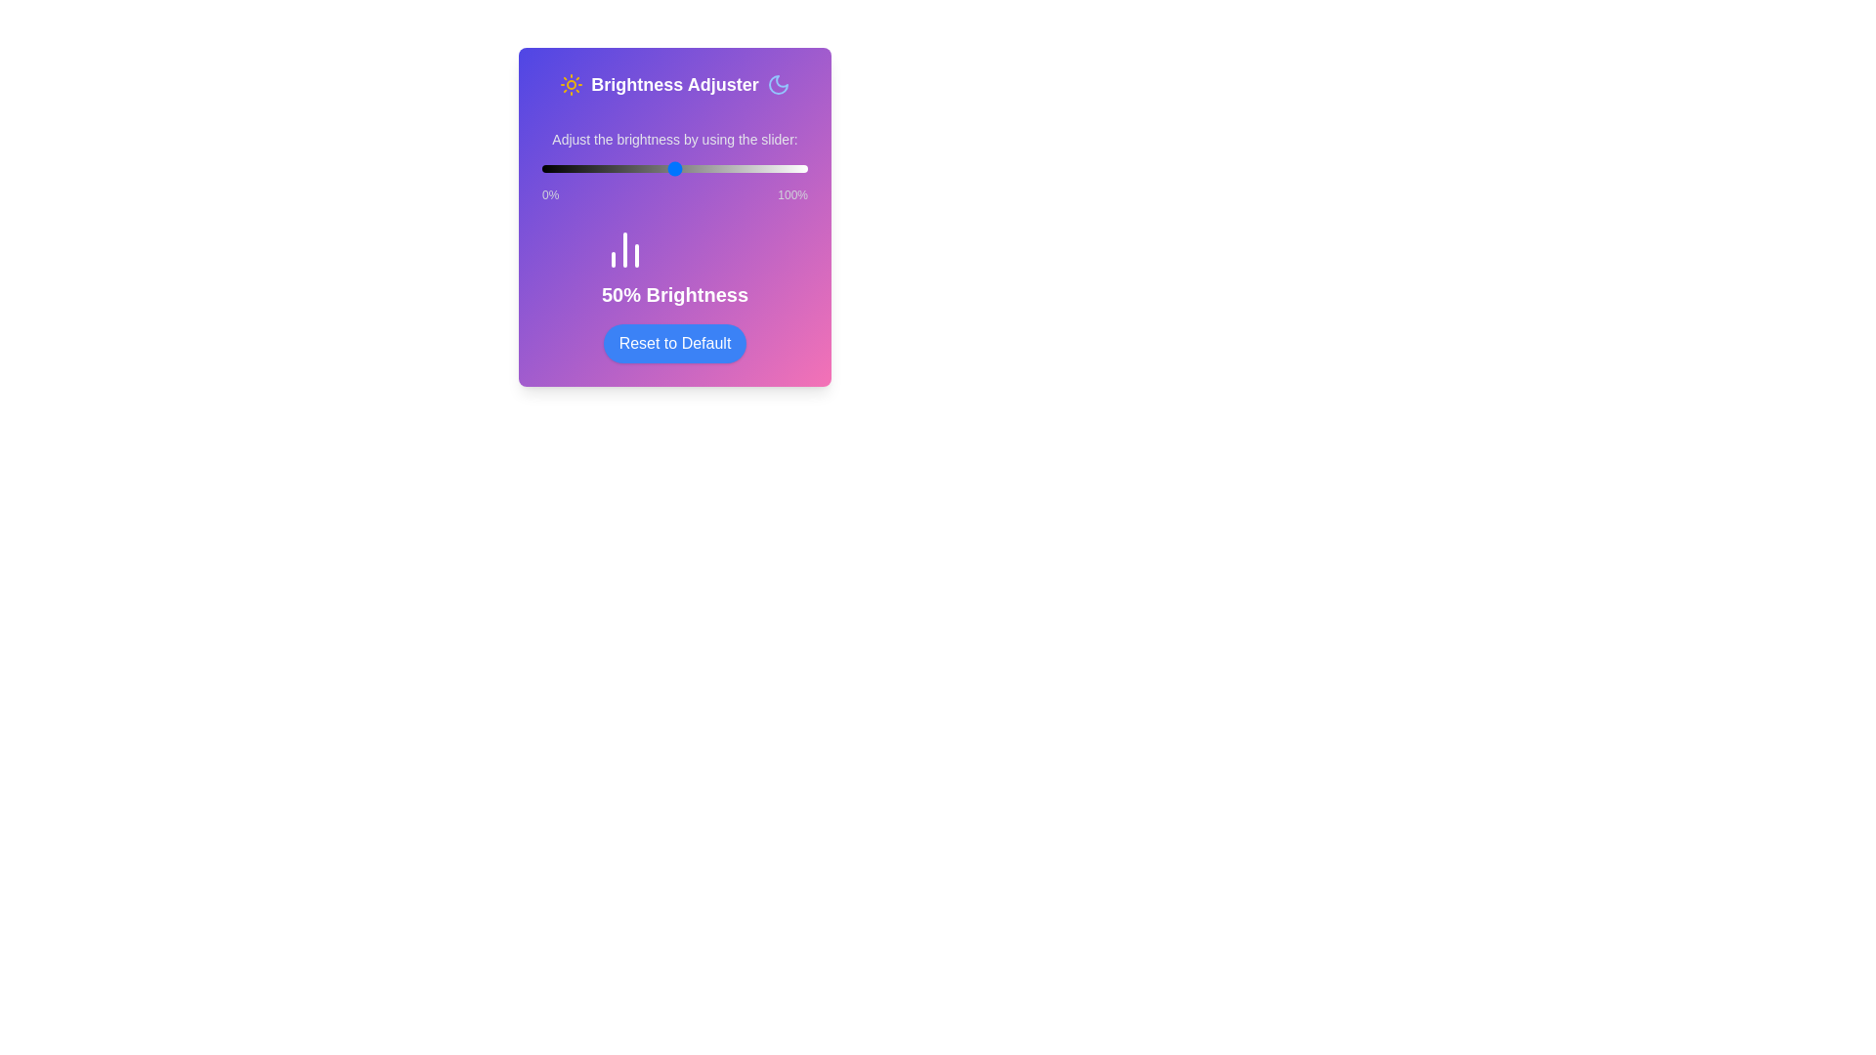 This screenshot has width=1876, height=1055. Describe the element at coordinates (573, 168) in the screenshot. I see `the brightness to 12% by moving the slider` at that location.